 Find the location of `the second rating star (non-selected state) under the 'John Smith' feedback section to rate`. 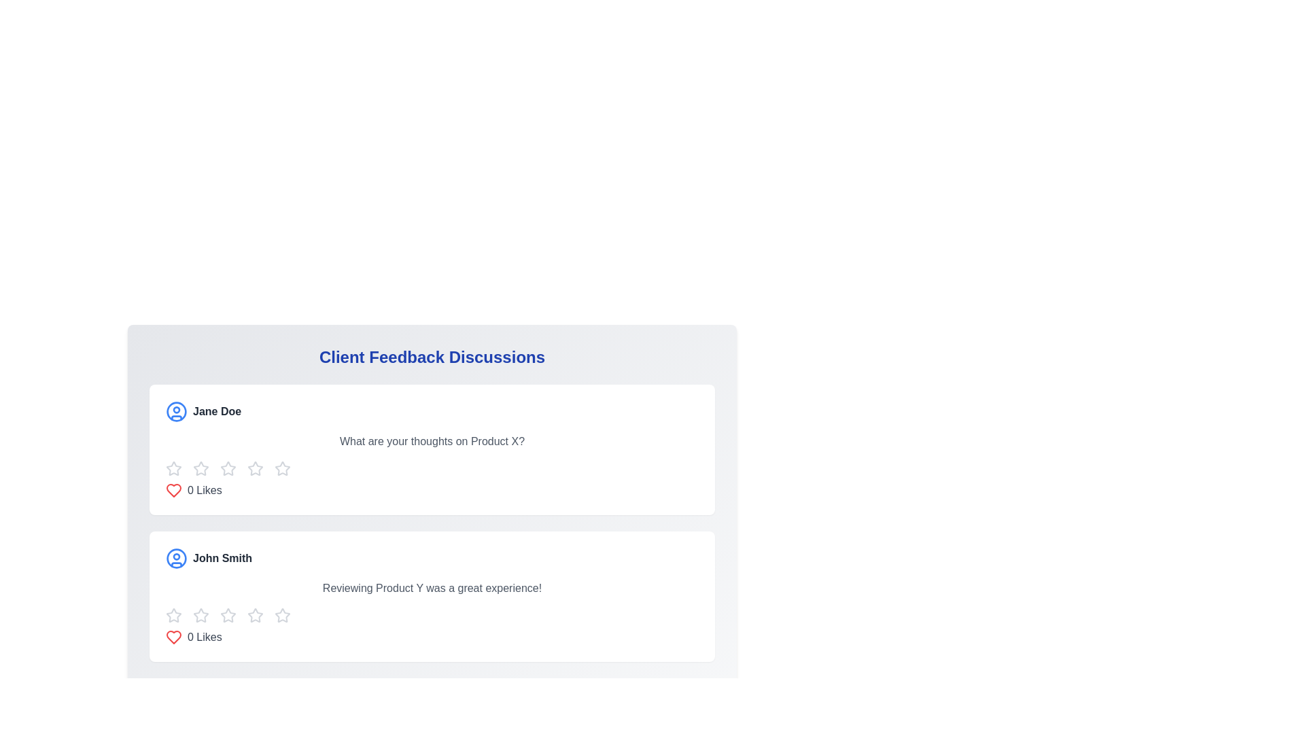

the second rating star (non-selected state) under the 'John Smith' feedback section to rate is located at coordinates (228, 615).